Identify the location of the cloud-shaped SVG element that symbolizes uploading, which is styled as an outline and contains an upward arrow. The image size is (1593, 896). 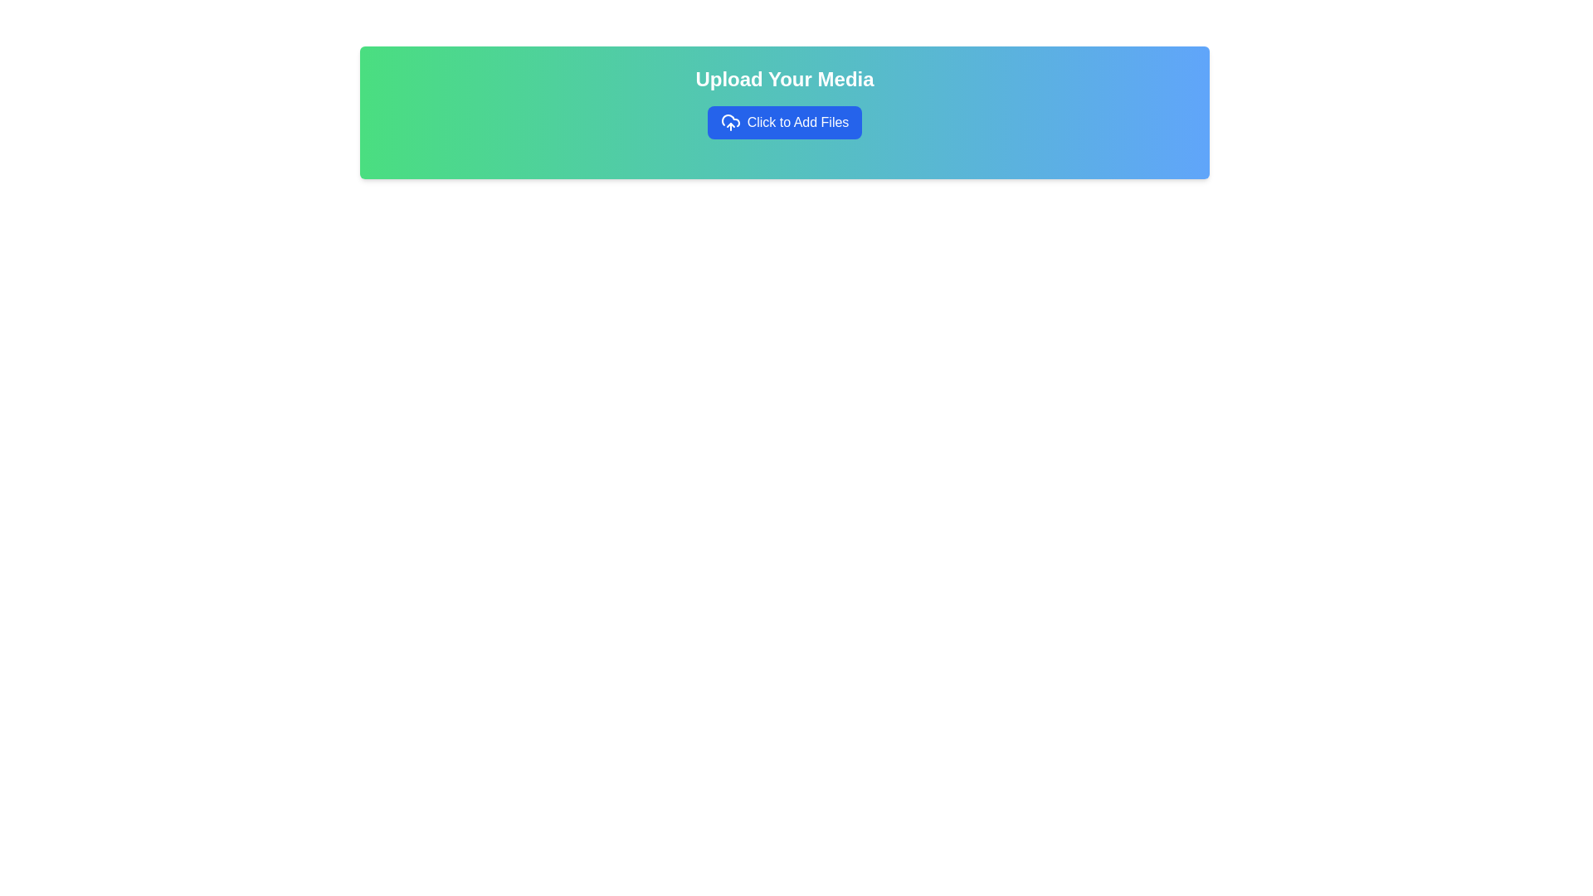
(730, 119).